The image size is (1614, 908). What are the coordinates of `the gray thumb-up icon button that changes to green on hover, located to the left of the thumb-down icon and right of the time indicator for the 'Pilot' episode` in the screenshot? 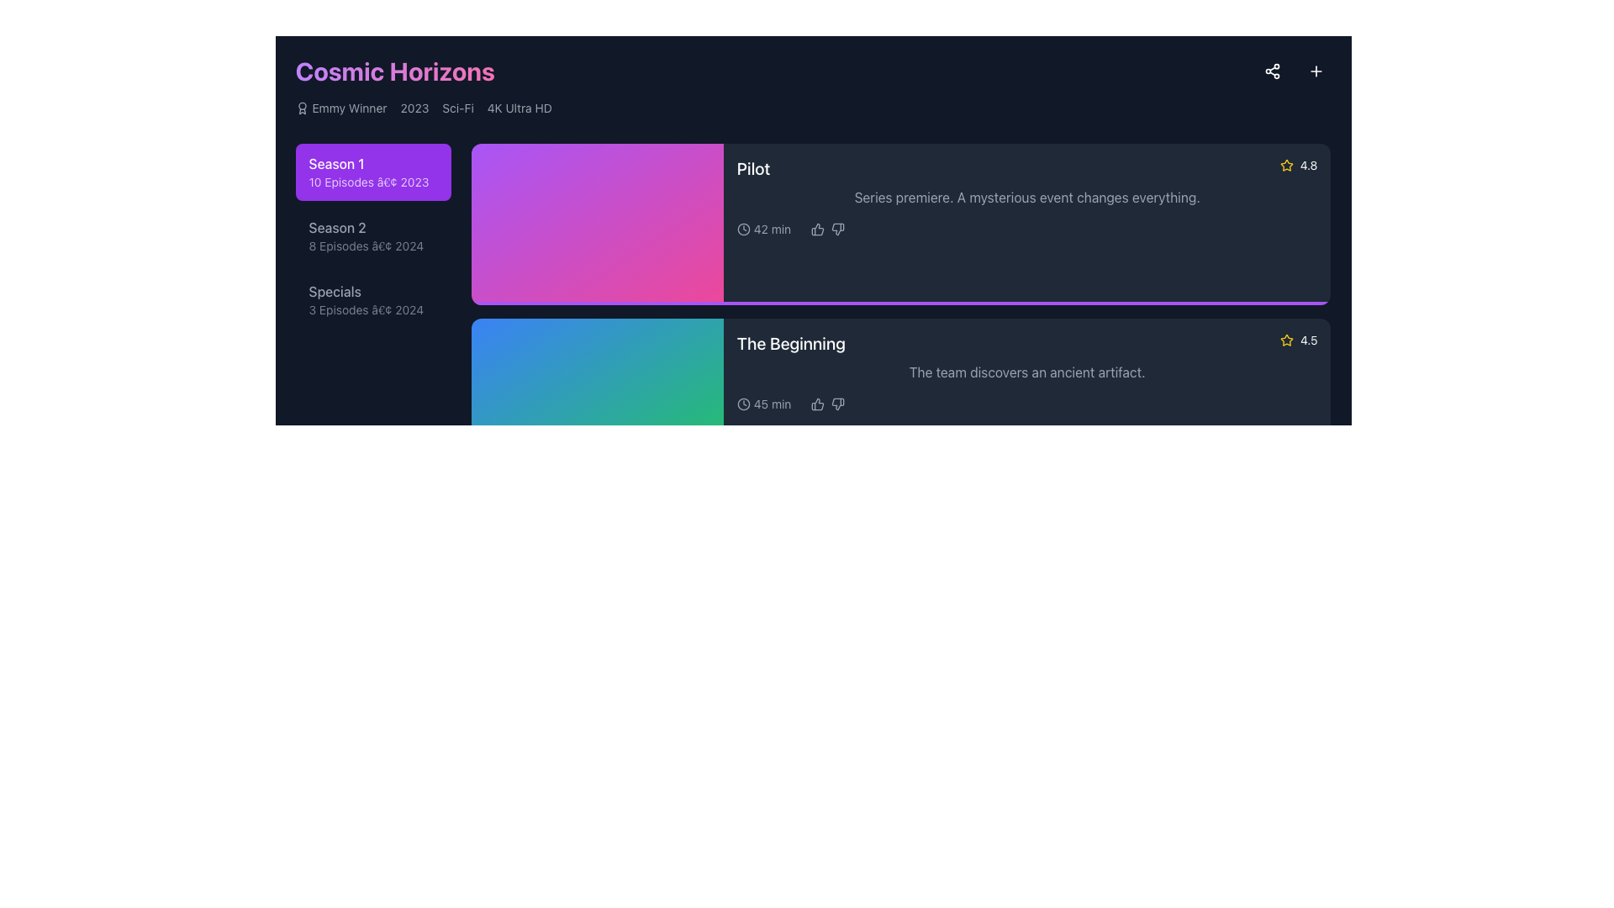 It's located at (818, 230).